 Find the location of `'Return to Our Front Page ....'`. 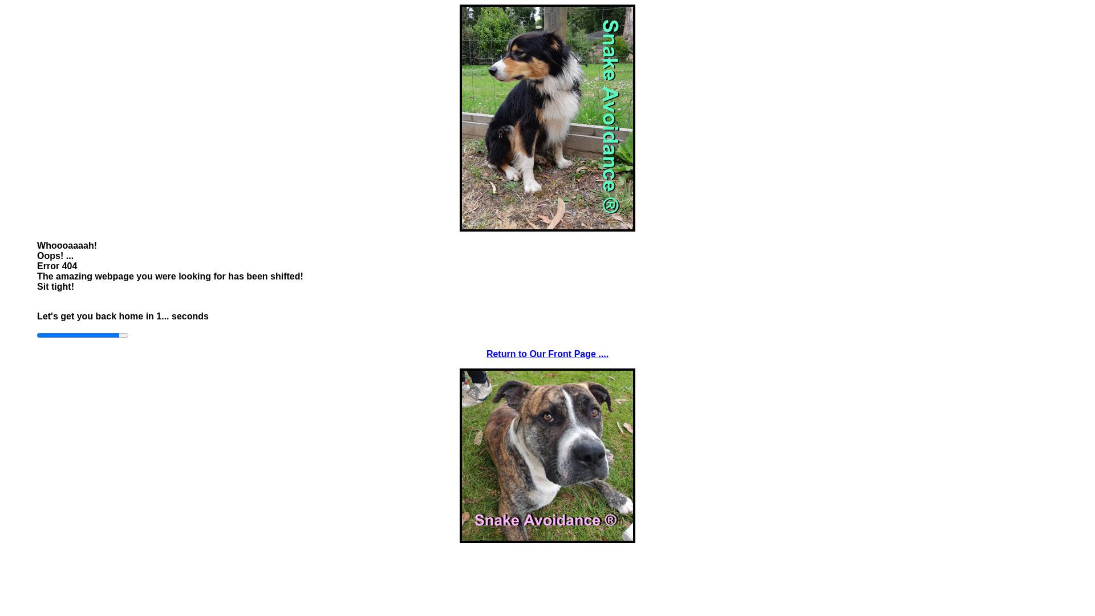

'Return to Our Front Page ....' is located at coordinates (547, 353).